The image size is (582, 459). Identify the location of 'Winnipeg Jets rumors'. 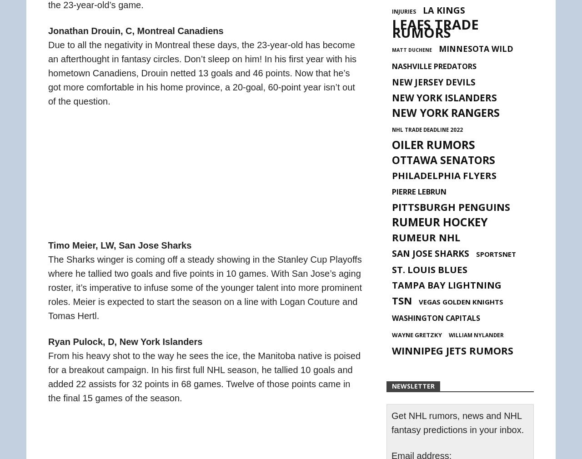
(391, 350).